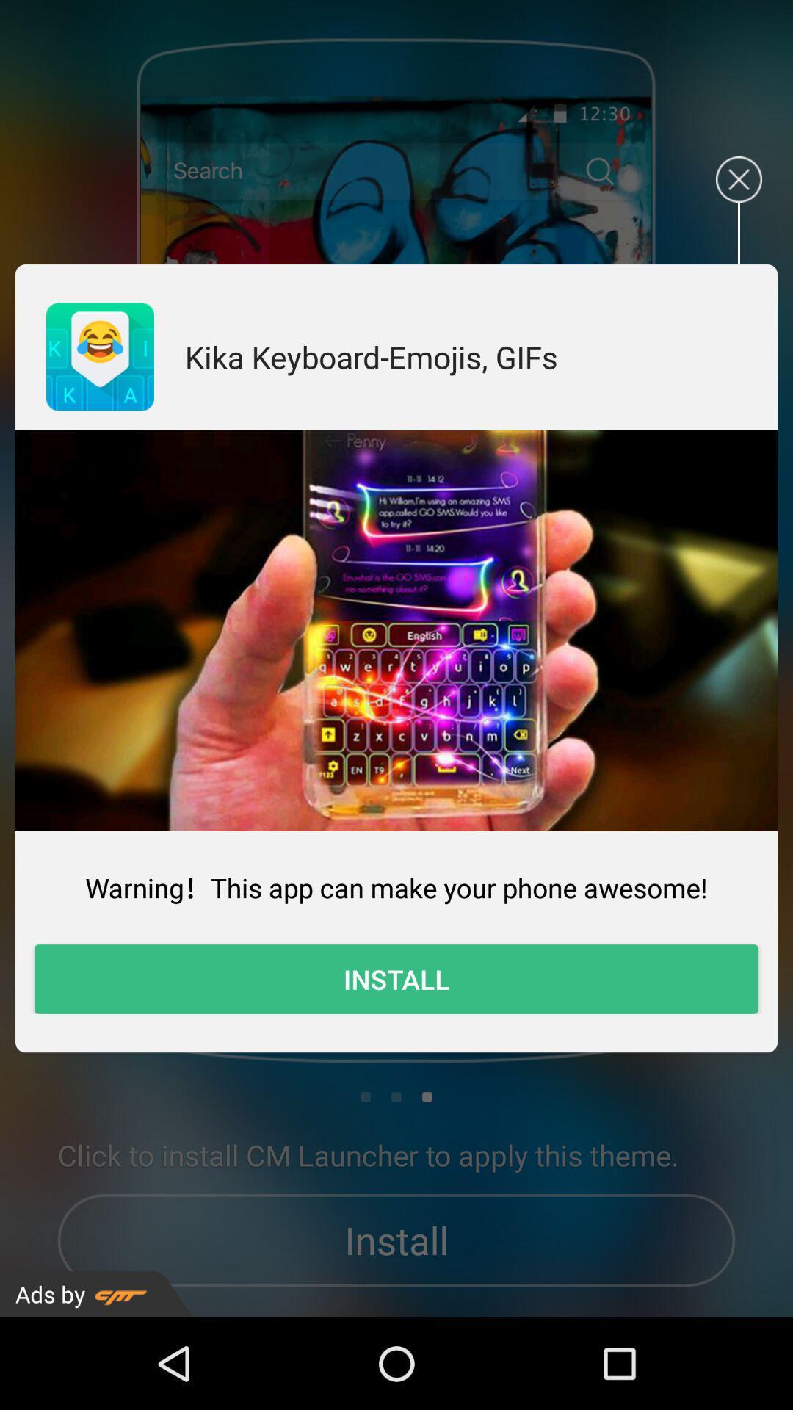 The image size is (793, 1410). I want to click on the warning this app icon, so click(396, 887).